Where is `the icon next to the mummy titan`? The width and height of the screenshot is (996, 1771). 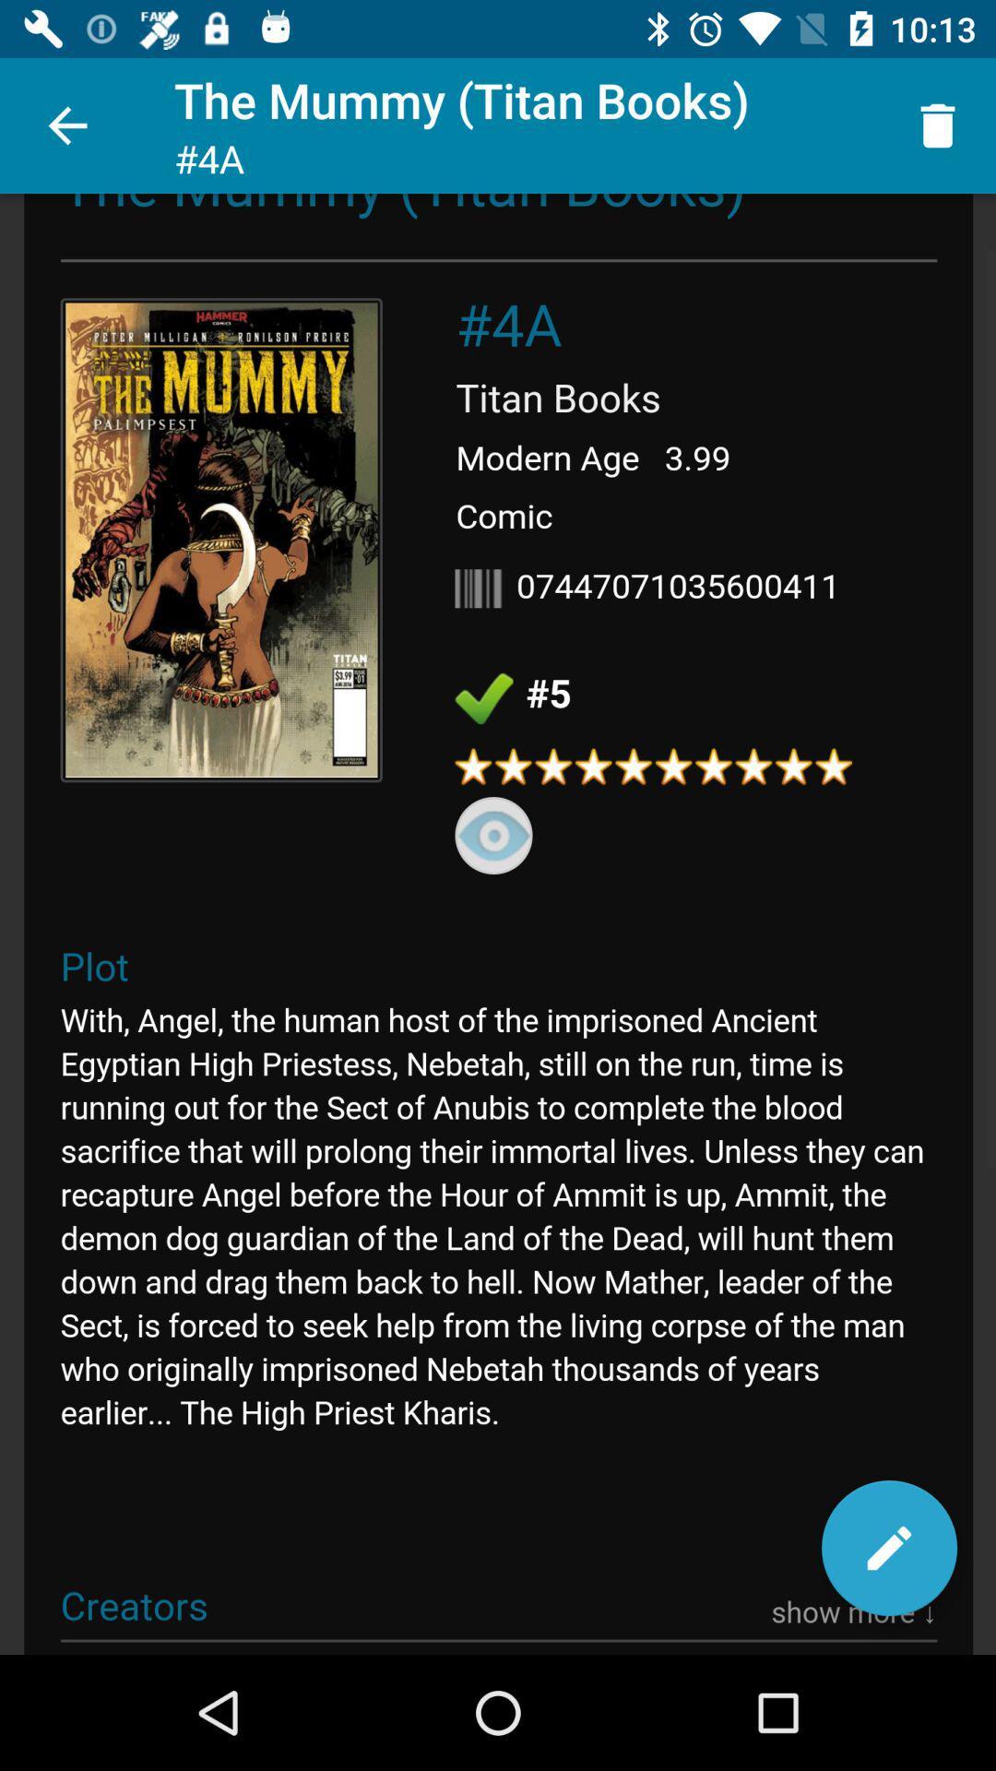 the icon next to the mummy titan is located at coordinates (66, 125).